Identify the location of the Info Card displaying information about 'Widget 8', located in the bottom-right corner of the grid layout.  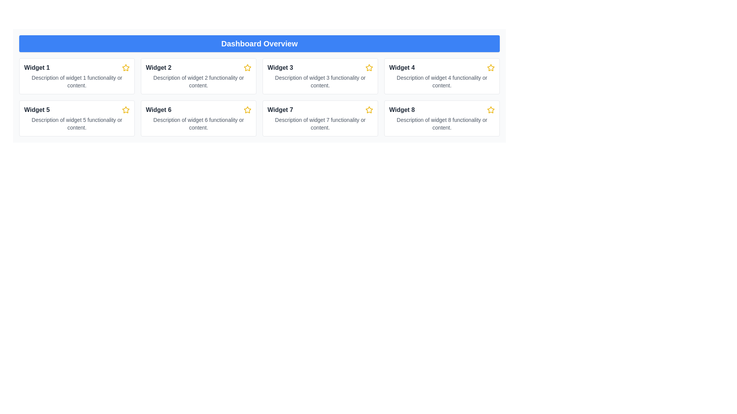
(442, 118).